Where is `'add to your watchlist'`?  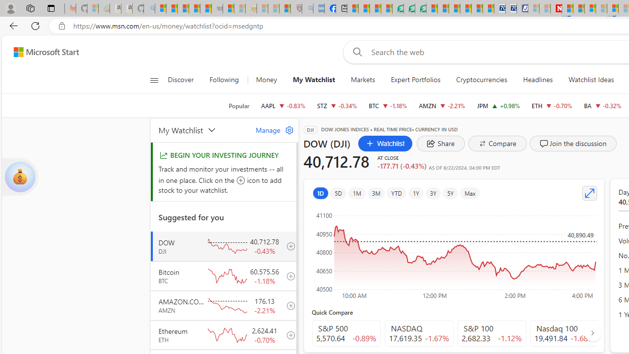 'add to your watchlist' is located at coordinates (287, 334).